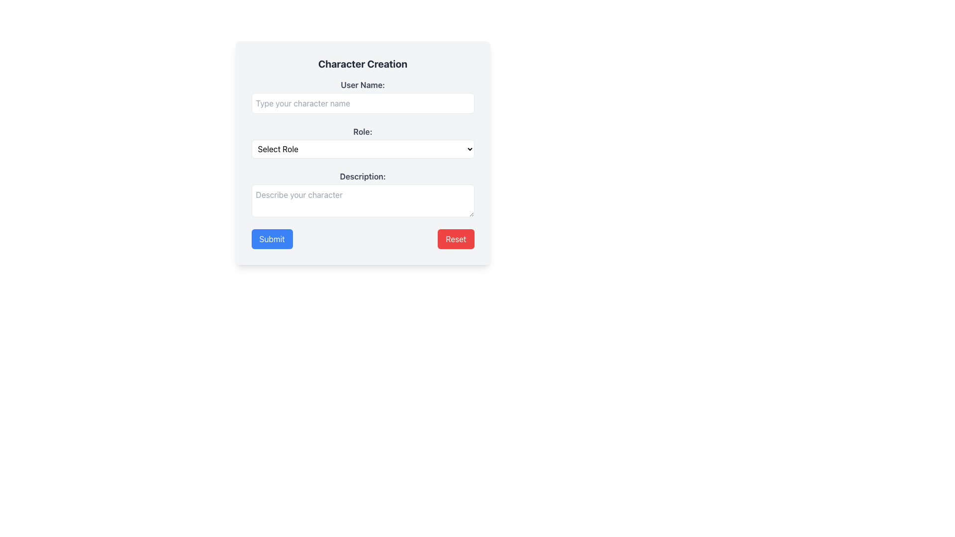 This screenshot has height=537, width=955. I want to click on the text label that reads 'Description:' which is styled in gray and bold, located above the multiline text input field for 'Describe your character.', so click(362, 176).